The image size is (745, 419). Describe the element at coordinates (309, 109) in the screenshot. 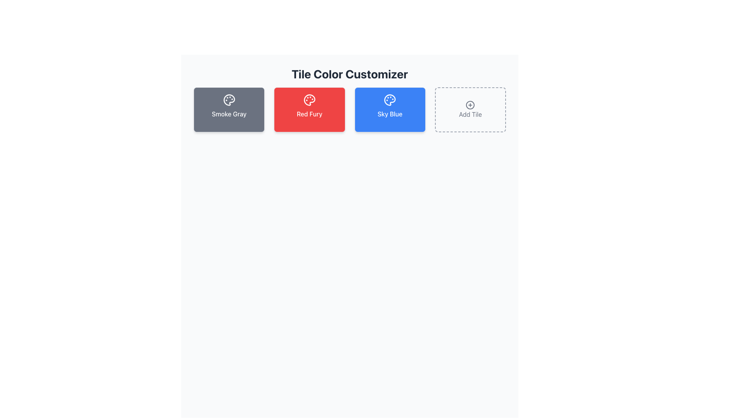

I see `the 'Red Fury' tile, which is the central tile in the first row of a grid layout` at that location.